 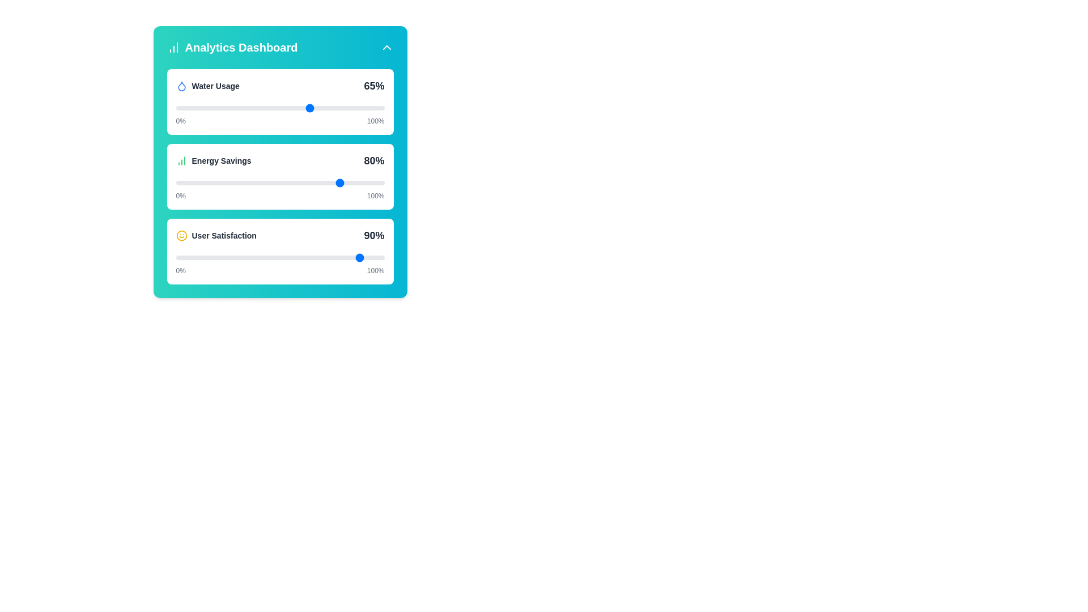 I want to click on the slider, so click(x=211, y=182).